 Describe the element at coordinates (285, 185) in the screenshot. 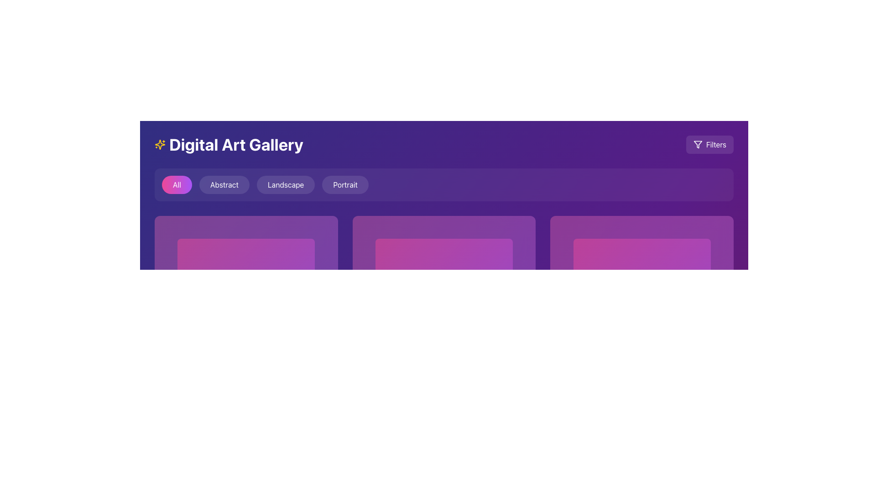

I see `the button labeled 'landscape' with rounded corners` at that location.